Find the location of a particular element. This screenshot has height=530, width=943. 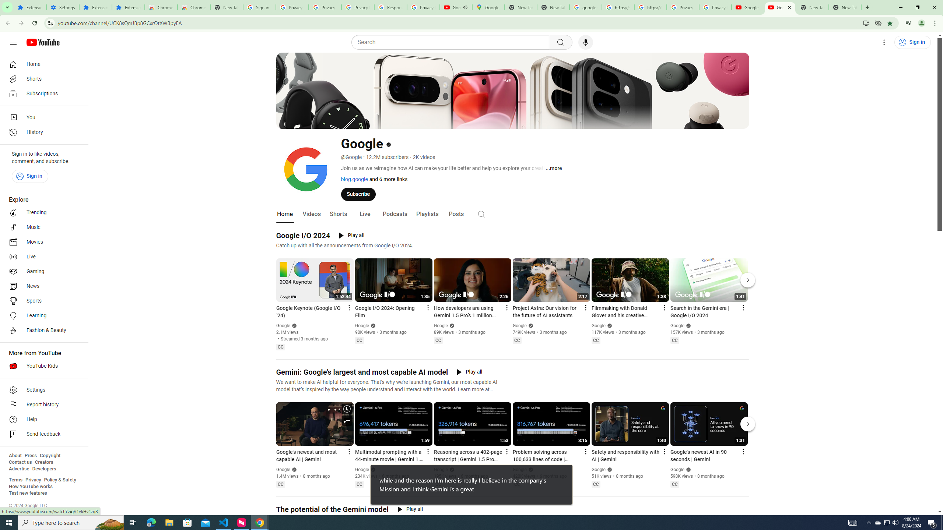

'Press' is located at coordinates (30, 455).